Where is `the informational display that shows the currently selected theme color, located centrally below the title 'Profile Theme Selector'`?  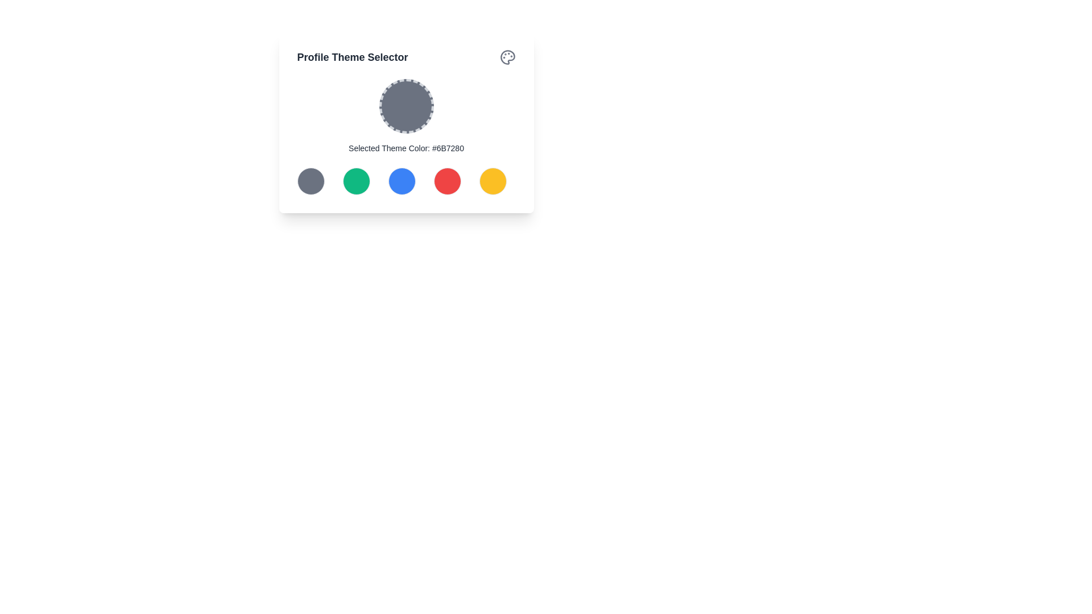 the informational display that shows the currently selected theme color, located centrally below the title 'Profile Theme Selector' is located at coordinates (406, 116).